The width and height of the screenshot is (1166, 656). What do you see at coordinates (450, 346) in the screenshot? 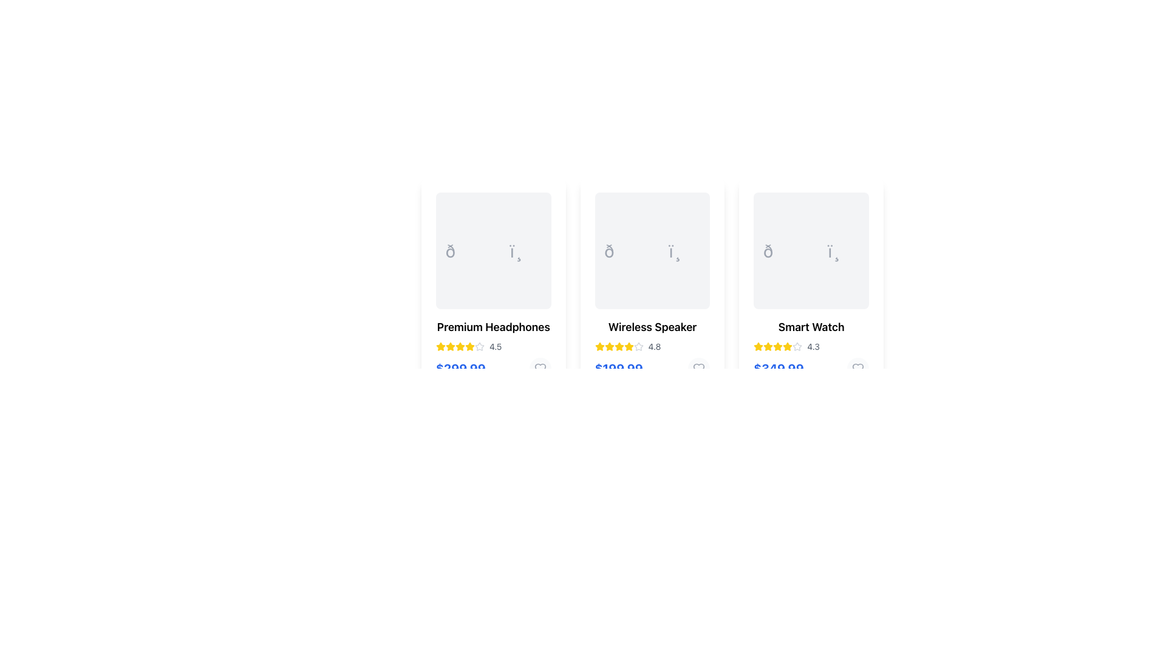
I see `the third star icon in the rating system for the product 'Premium Headphones'` at bounding box center [450, 346].